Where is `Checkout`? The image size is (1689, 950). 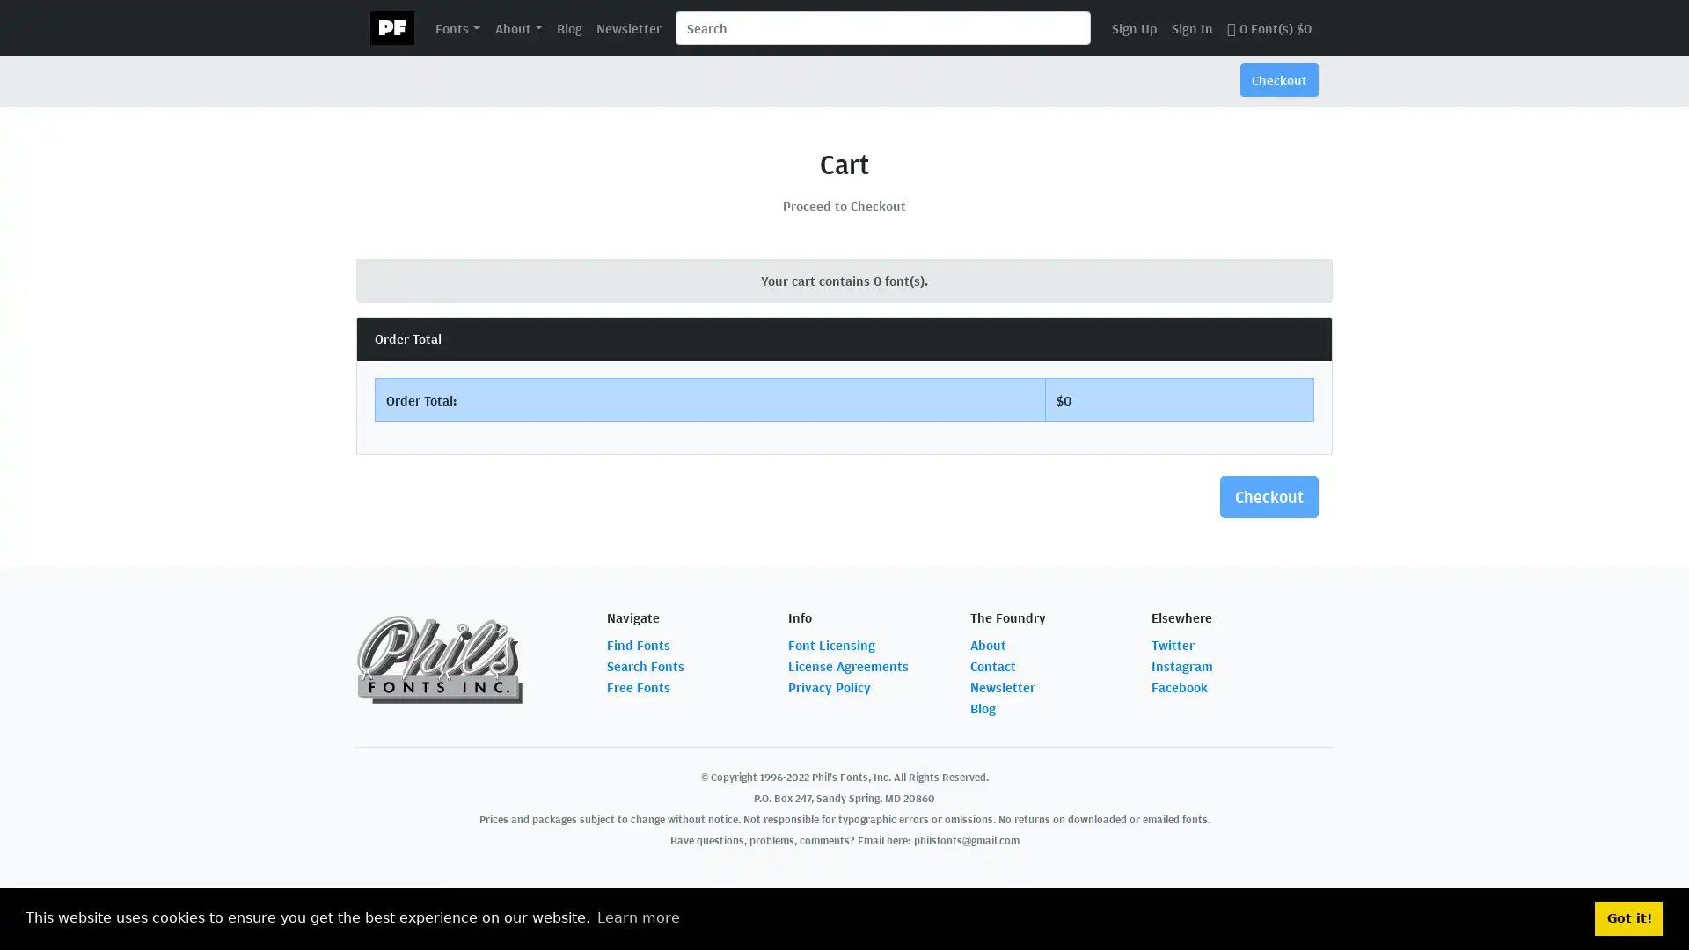
Checkout is located at coordinates (1279, 80).